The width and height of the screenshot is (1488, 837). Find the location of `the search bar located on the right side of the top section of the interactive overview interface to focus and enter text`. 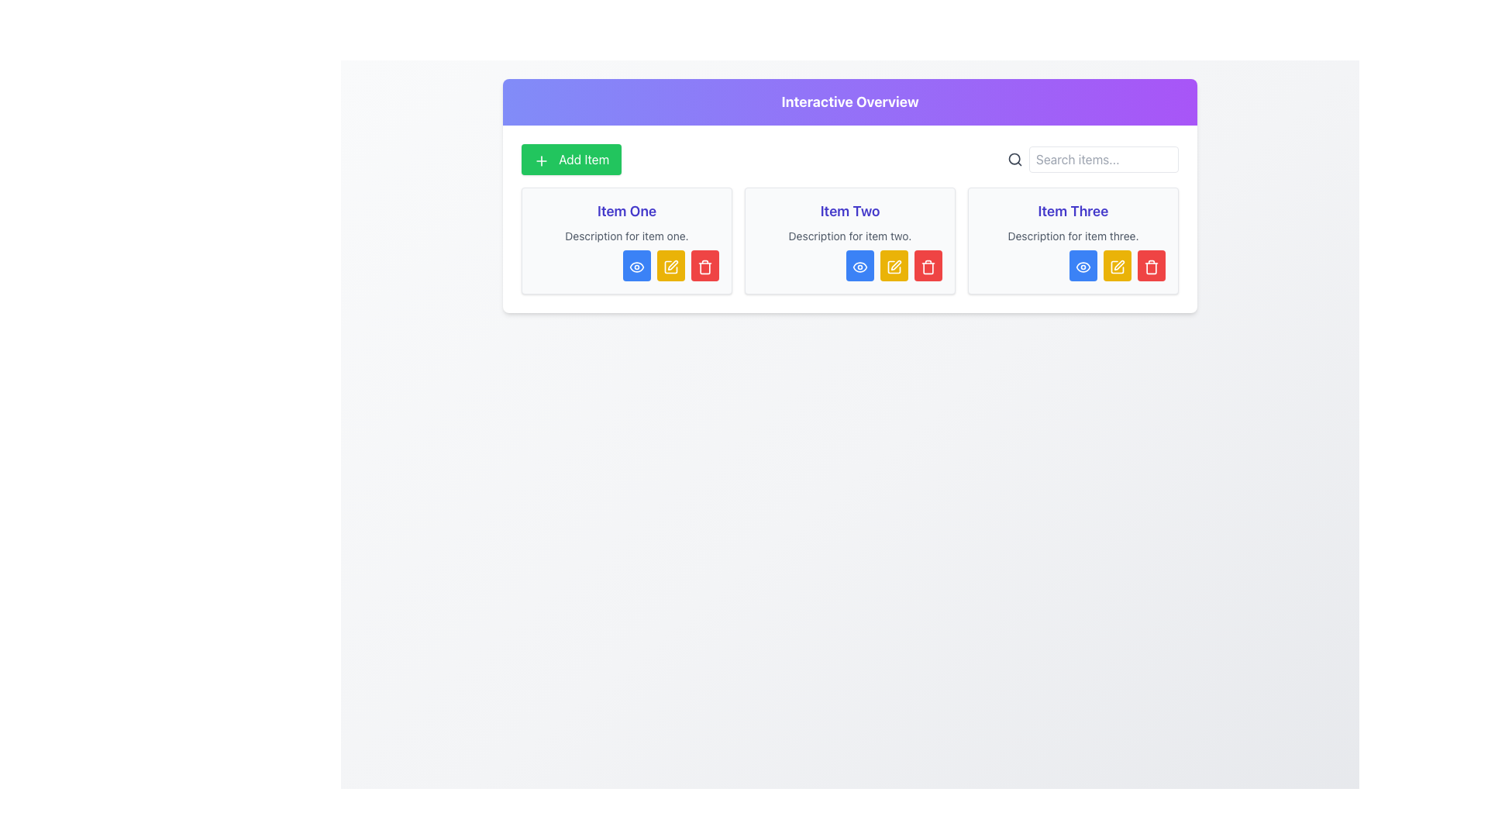

the search bar located on the right side of the top section of the interactive overview interface to focus and enter text is located at coordinates (1092, 159).